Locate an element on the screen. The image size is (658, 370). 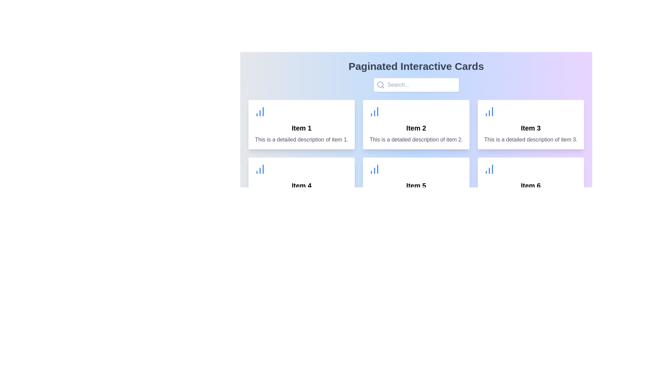
the chart icon representing a bar graph with three columns of varying heights, displayed in blue, located at the top-left corner of the card titled 'Item 6' is located at coordinates (489, 169).